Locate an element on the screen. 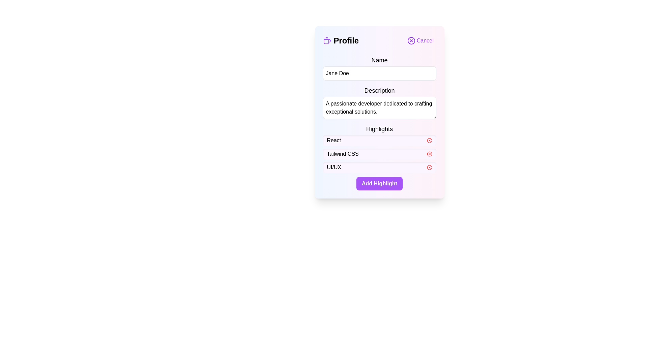  the cancel button located in the top-right corner of the 'Profile' dialog is located at coordinates (420, 40).